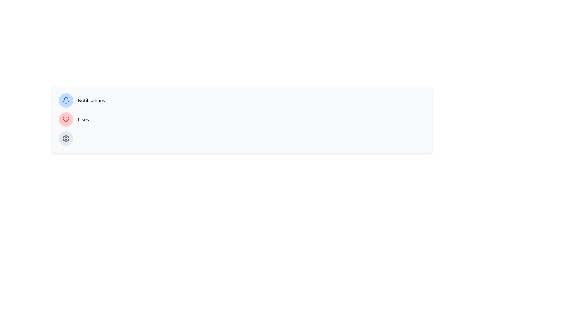 The image size is (571, 321). What do you see at coordinates (91, 100) in the screenshot?
I see `the Text label that describes the notification functionality, which is positioned to the right of the bell icon` at bounding box center [91, 100].